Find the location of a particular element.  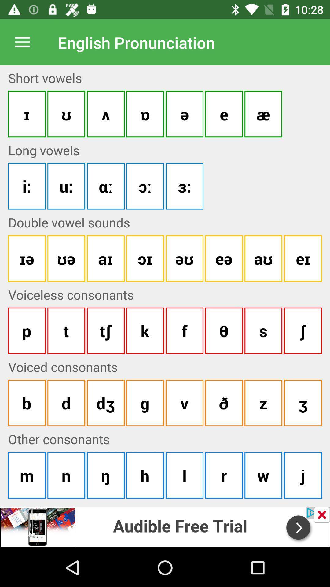

button is located at coordinates (321, 514).